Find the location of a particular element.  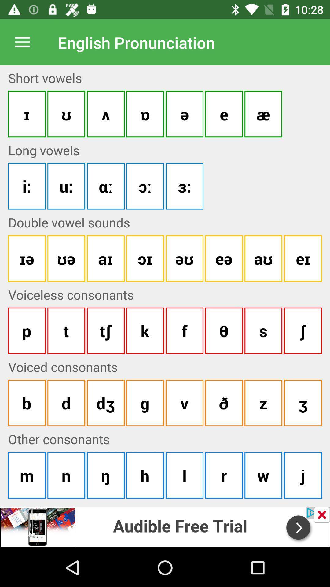

button is located at coordinates (321, 514).